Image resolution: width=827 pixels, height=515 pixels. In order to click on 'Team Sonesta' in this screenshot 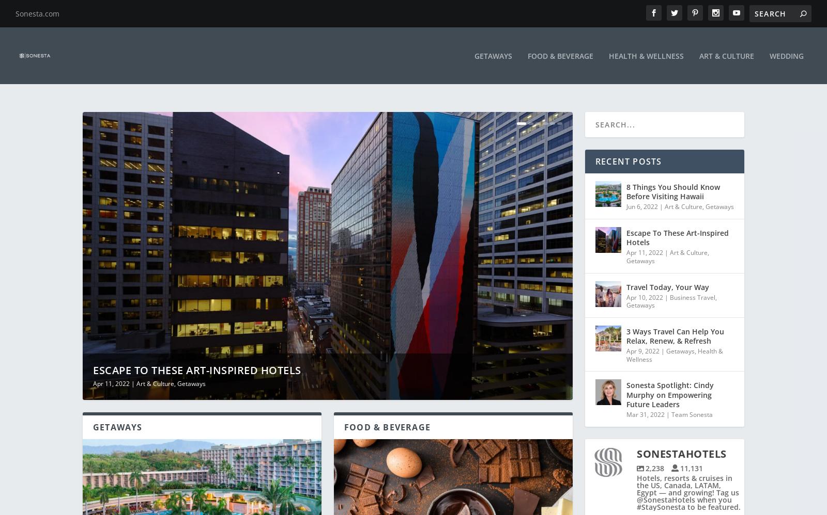, I will do `click(671, 407)`.